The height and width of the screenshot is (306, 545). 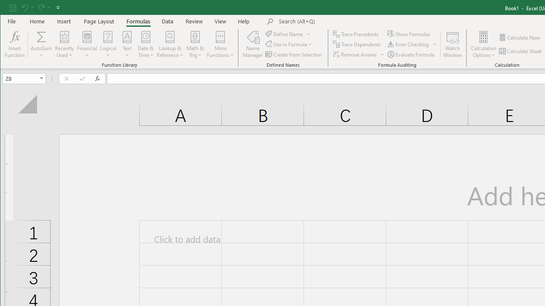 I want to click on 'Show Formulas', so click(x=410, y=34).